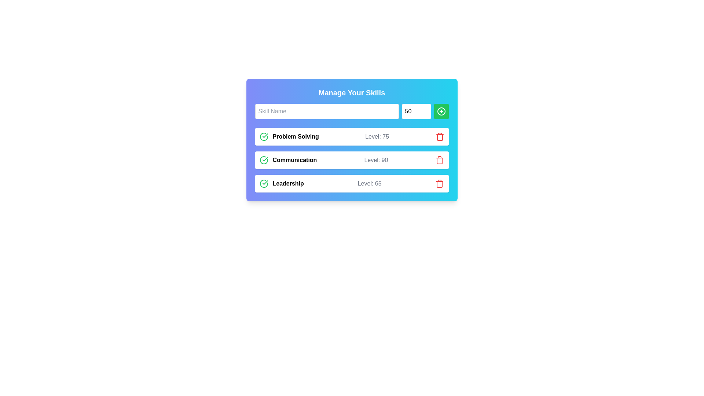  I want to click on the trash-can icon button, so click(440, 159).